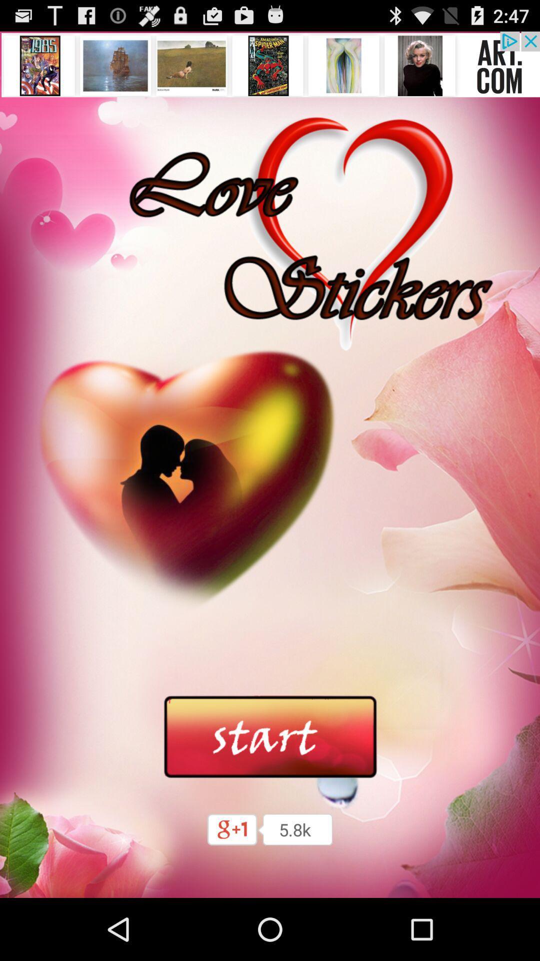 This screenshot has width=540, height=961. Describe the element at coordinates (270, 737) in the screenshot. I see `start` at that location.